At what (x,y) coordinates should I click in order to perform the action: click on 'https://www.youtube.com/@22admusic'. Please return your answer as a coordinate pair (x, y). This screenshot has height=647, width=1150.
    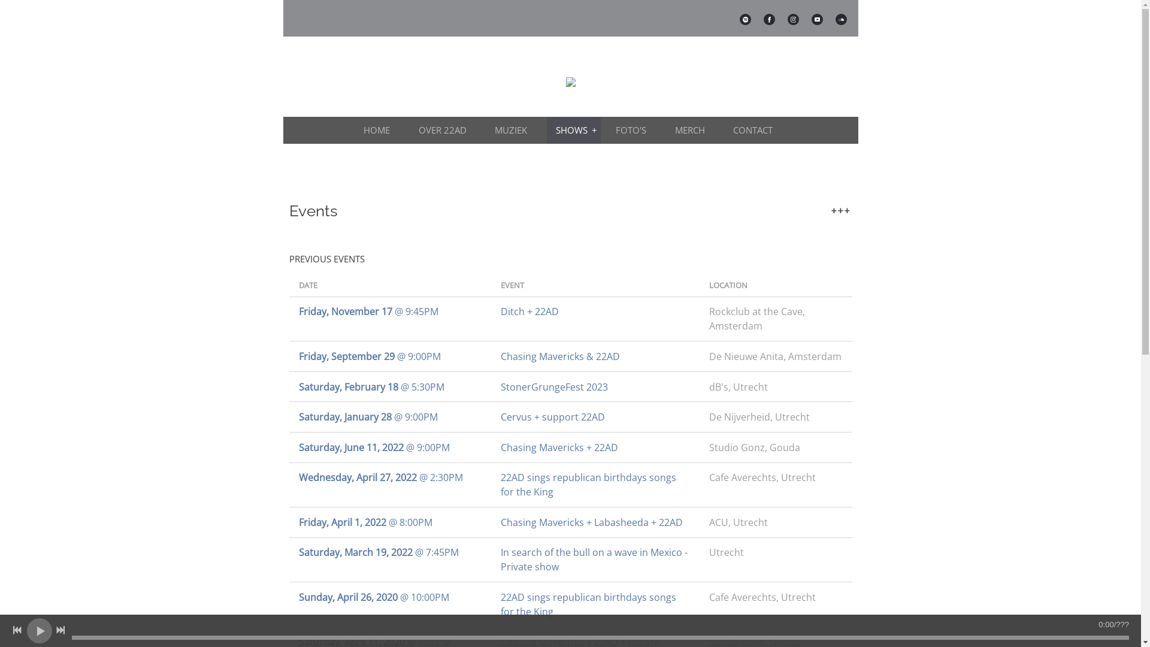
    Looking at the image, I should click on (816, 19).